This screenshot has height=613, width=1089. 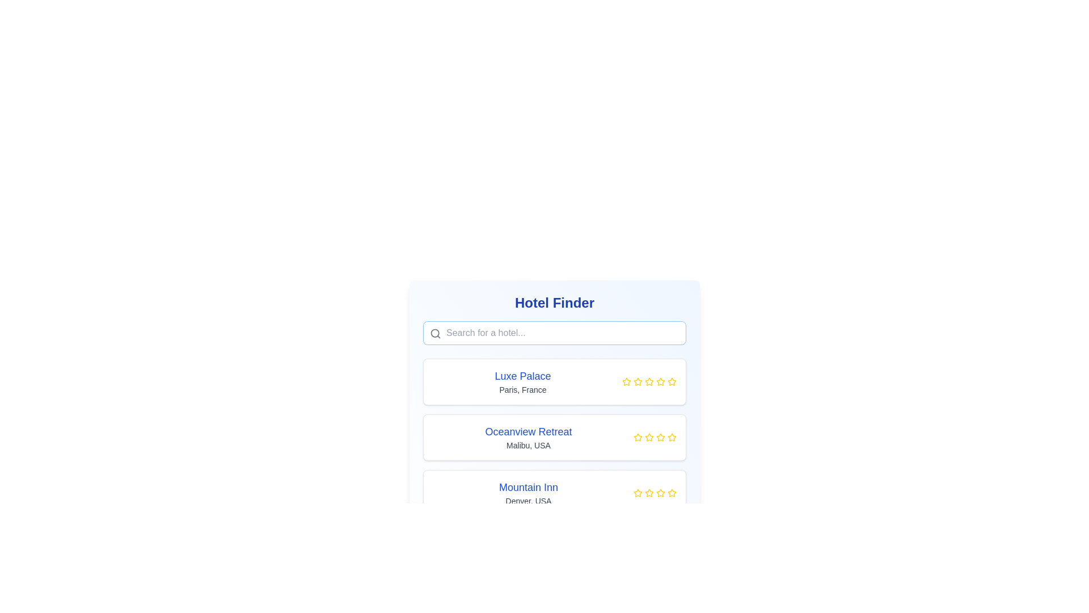 What do you see at coordinates (661, 381) in the screenshot?
I see `the fifth star rating icon for the 'Luxe Palace' hotel` at bounding box center [661, 381].